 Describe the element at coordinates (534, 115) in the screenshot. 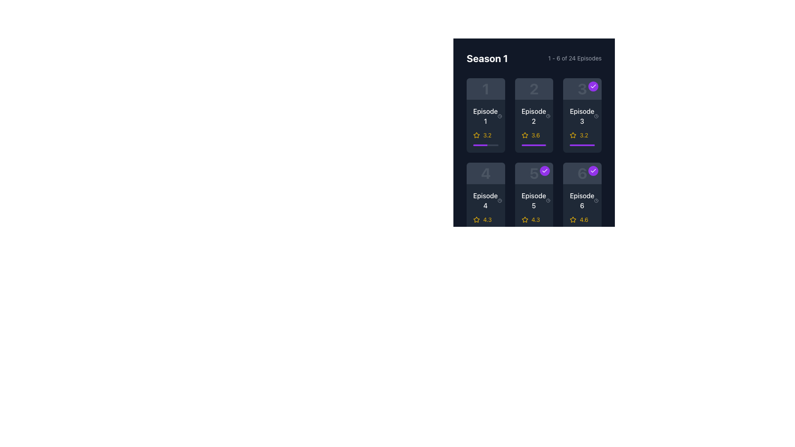

I see `the second episode card in the first row of the grid layout` at that location.